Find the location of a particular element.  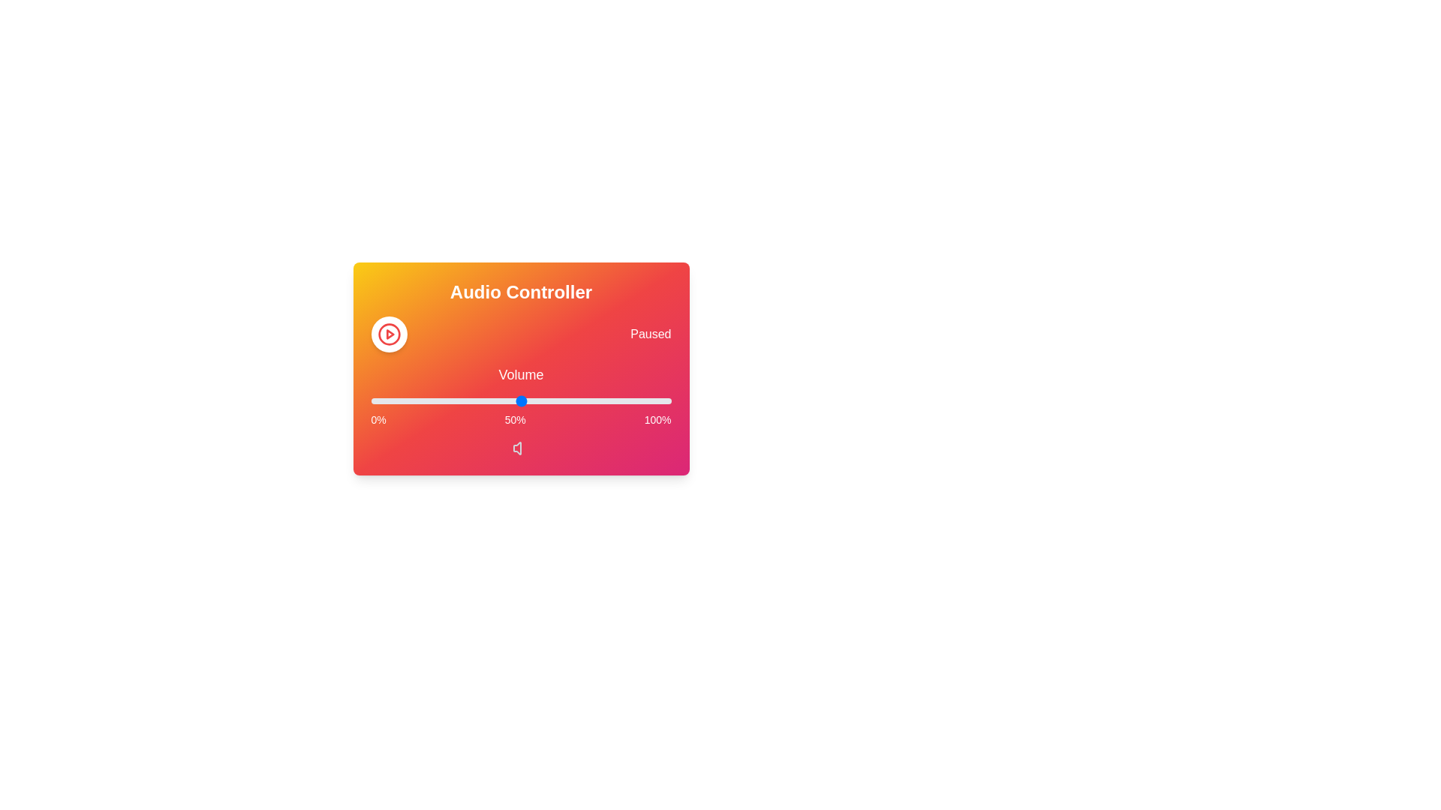

the volume slider to 80% is located at coordinates (611, 400).